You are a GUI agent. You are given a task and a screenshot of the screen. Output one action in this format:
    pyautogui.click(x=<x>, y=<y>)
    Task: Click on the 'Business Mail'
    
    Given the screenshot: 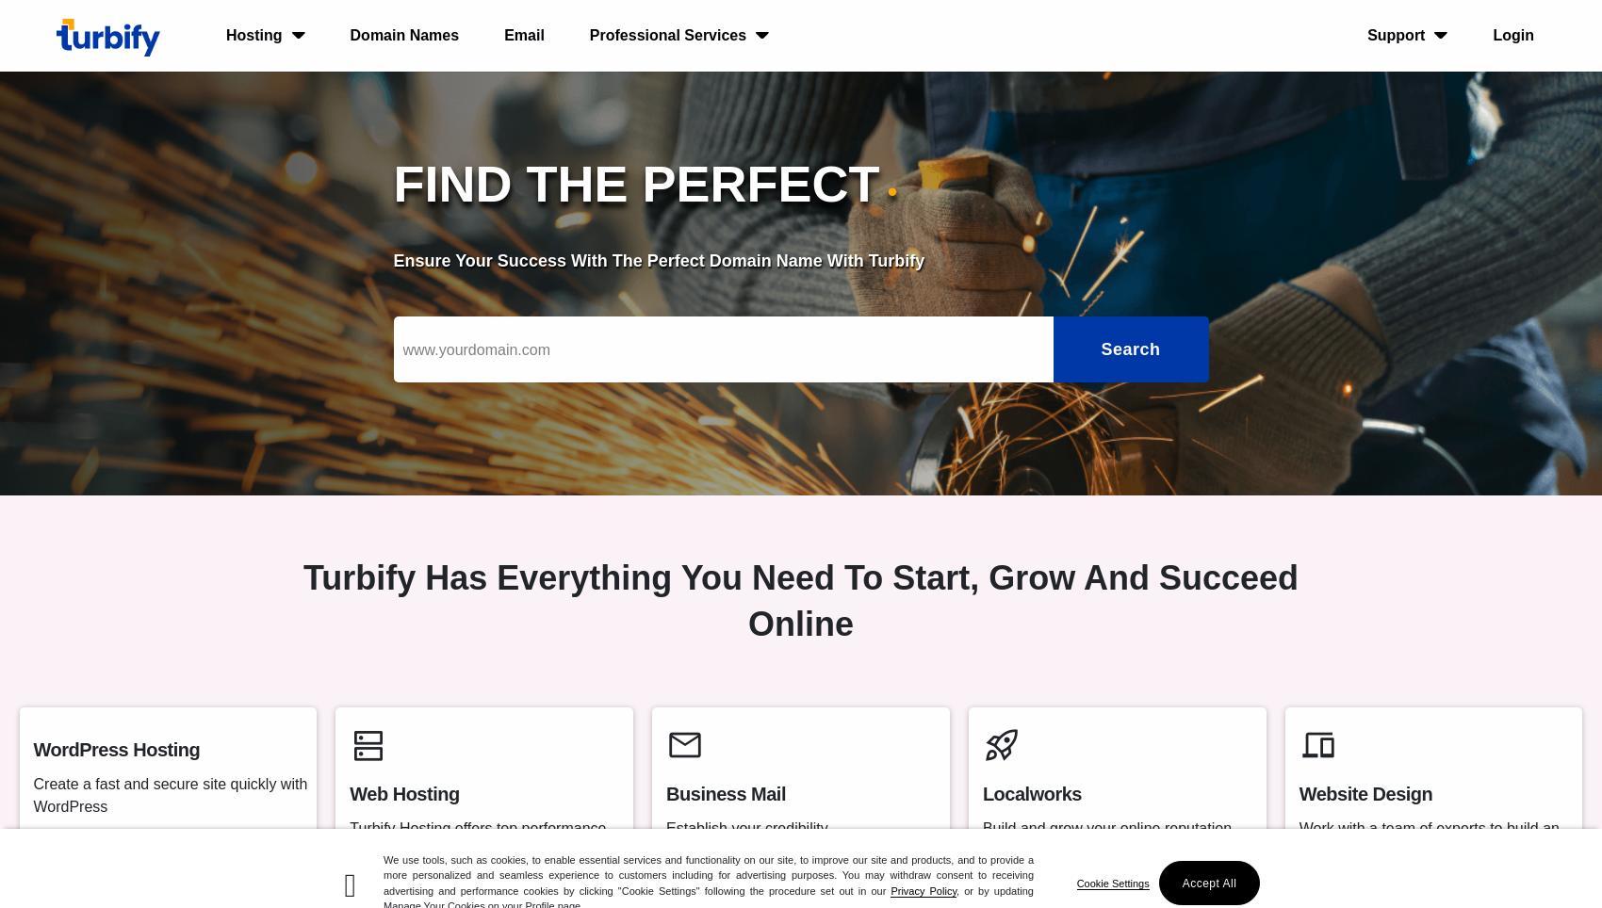 What is the action you would take?
    pyautogui.click(x=724, y=793)
    